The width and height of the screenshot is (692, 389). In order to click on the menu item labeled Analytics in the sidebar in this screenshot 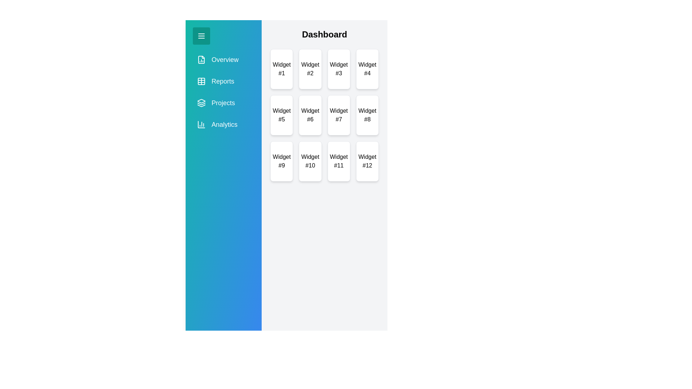, I will do `click(223, 124)`.